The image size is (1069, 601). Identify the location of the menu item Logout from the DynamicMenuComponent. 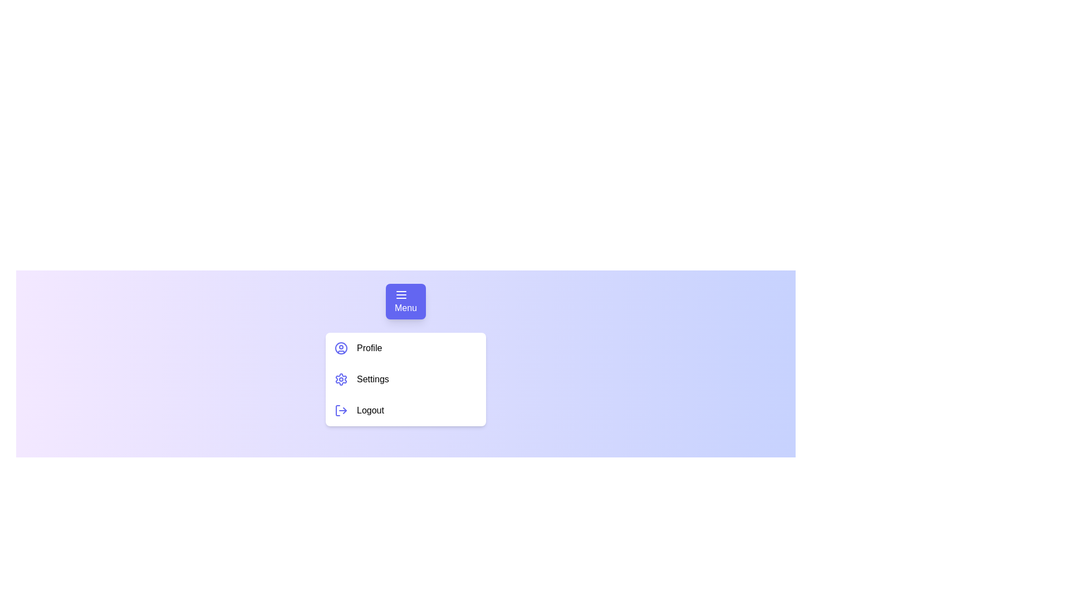
(405, 410).